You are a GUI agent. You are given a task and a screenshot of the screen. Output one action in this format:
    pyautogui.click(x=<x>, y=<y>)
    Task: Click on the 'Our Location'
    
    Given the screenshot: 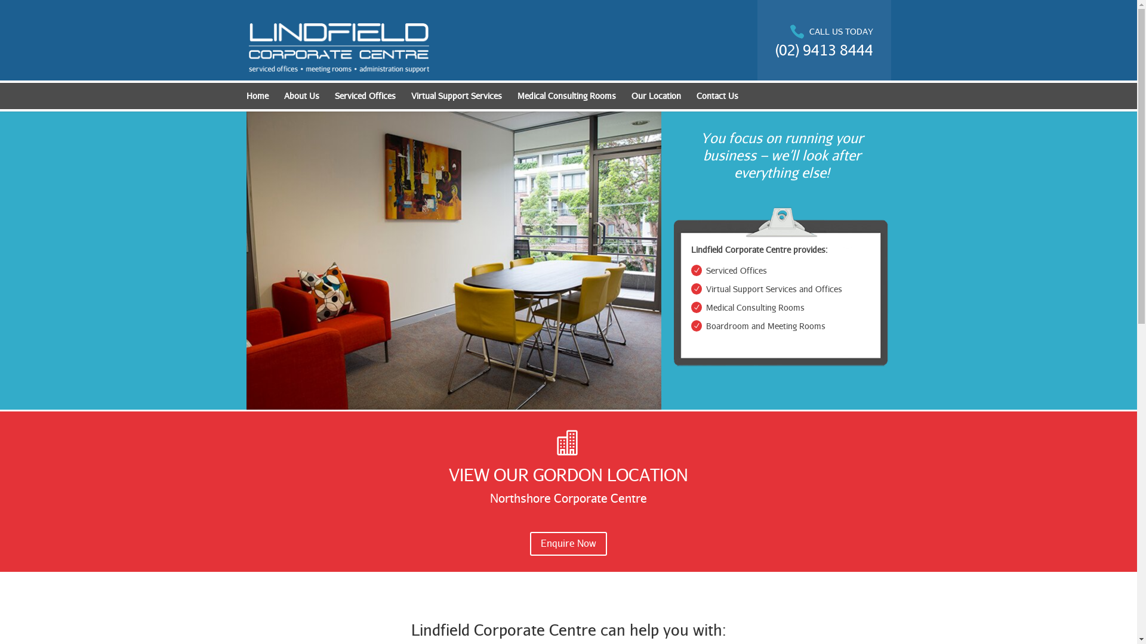 What is the action you would take?
    pyautogui.click(x=630, y=98)
    